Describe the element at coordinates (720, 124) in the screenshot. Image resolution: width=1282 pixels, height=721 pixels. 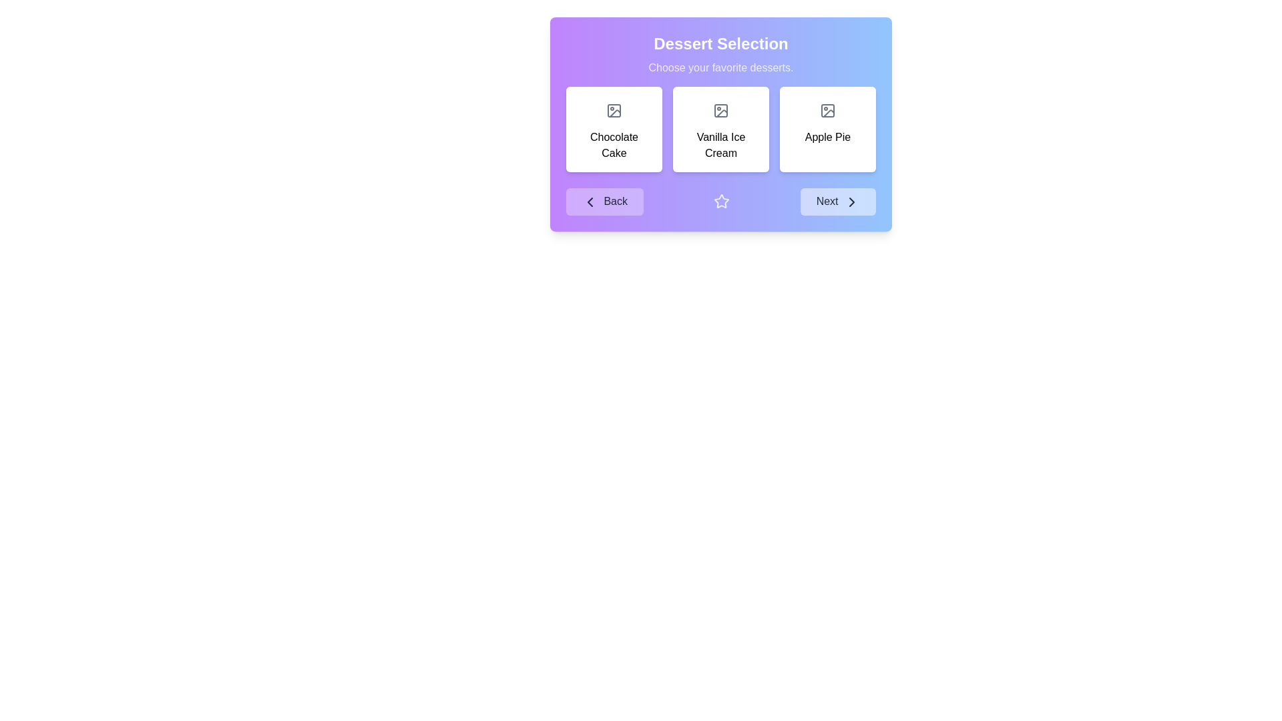
I see `the 'Vanilla Ice Cream' card element, which is the middle card in the selection grid featuring a white background and an image placeholder icon` at that location.